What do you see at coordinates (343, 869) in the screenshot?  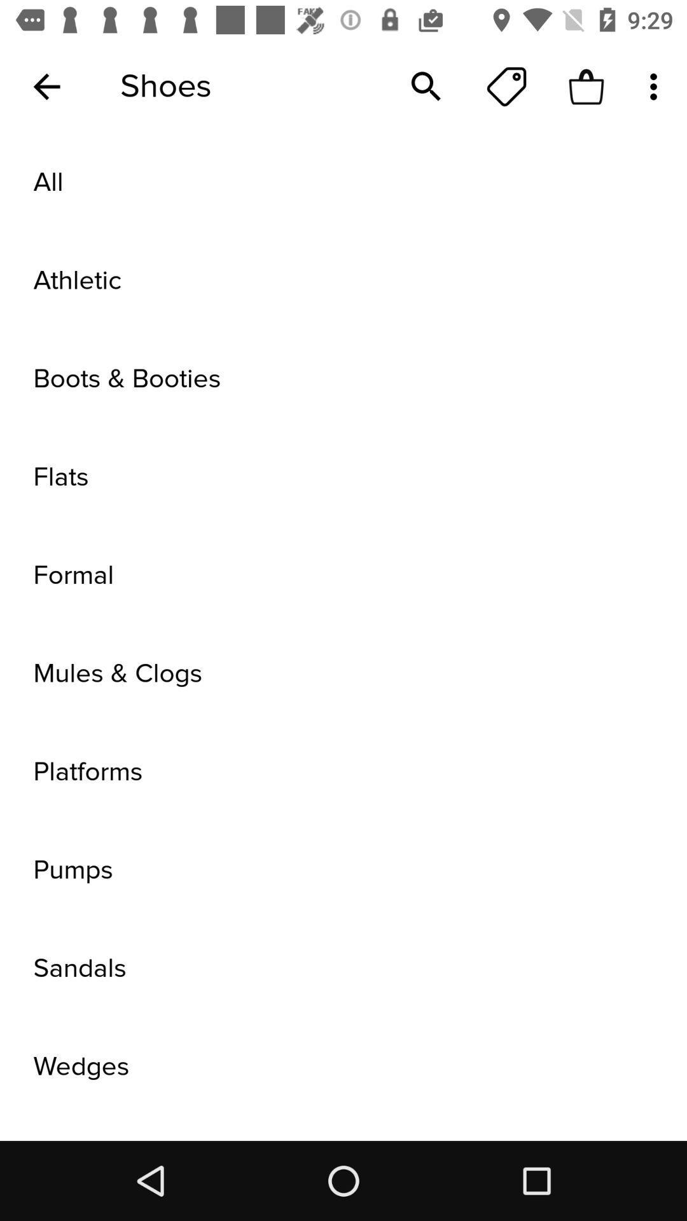 I see `icon below platforms icon` at bounding box center [343, 869].